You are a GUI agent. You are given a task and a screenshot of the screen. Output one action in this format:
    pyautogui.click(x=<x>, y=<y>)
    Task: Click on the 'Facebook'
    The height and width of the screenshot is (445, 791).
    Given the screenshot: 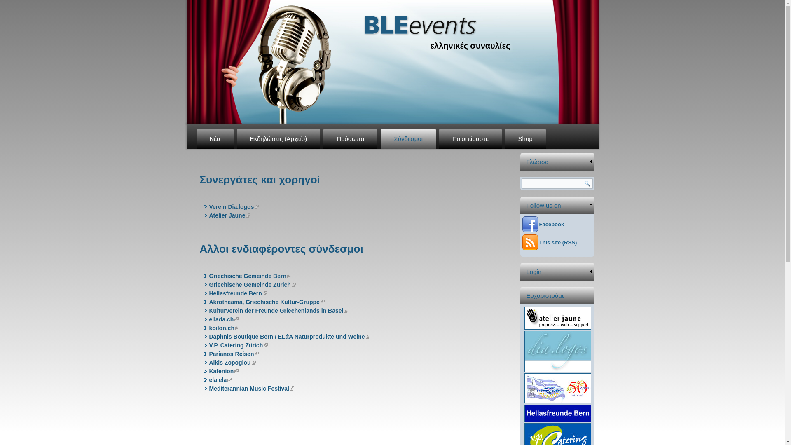 What is the action you would take?
    pyautogui.click(x=544, y=225)
    